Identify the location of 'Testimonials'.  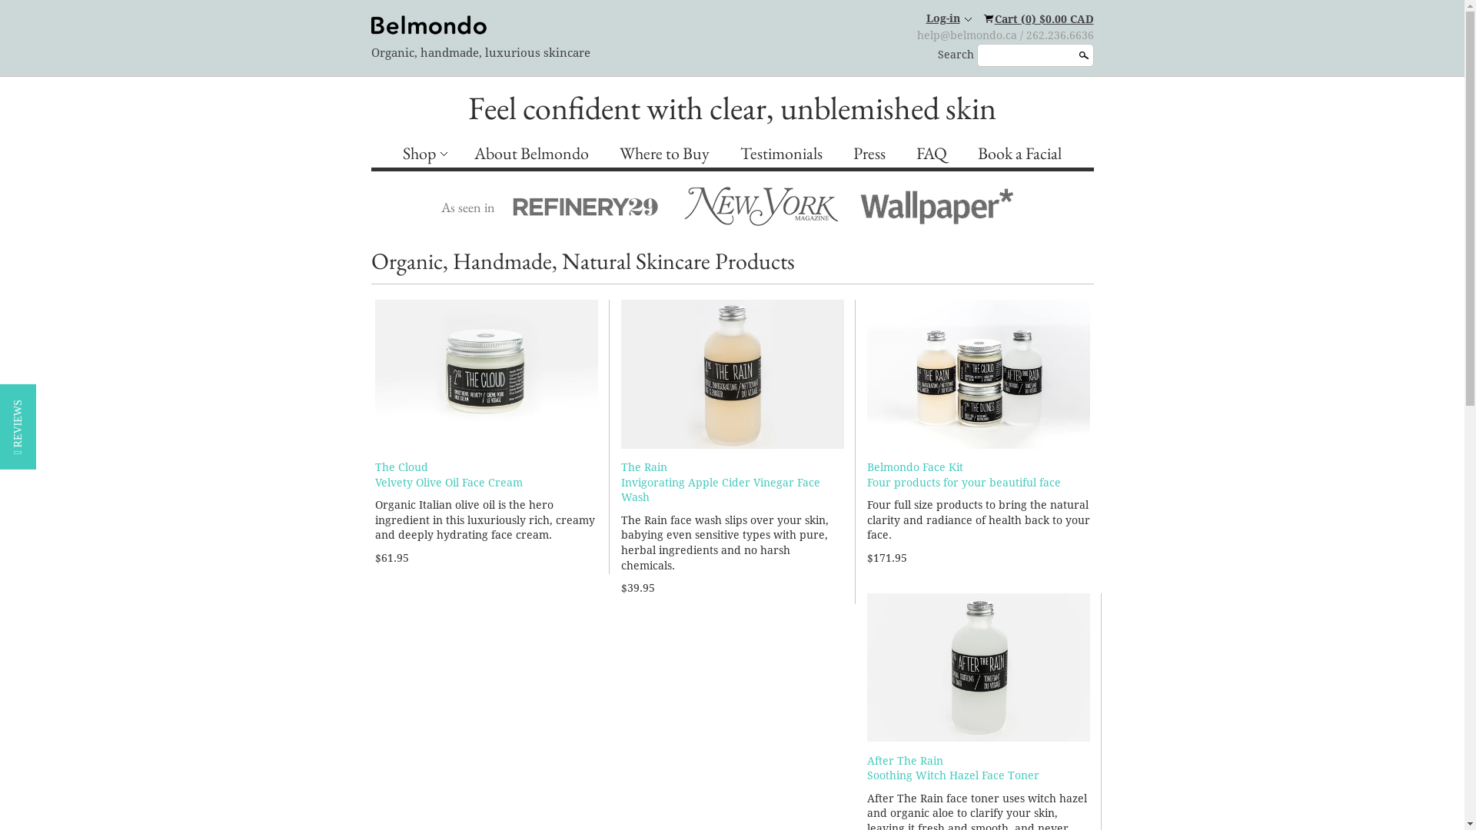
(781, 154).